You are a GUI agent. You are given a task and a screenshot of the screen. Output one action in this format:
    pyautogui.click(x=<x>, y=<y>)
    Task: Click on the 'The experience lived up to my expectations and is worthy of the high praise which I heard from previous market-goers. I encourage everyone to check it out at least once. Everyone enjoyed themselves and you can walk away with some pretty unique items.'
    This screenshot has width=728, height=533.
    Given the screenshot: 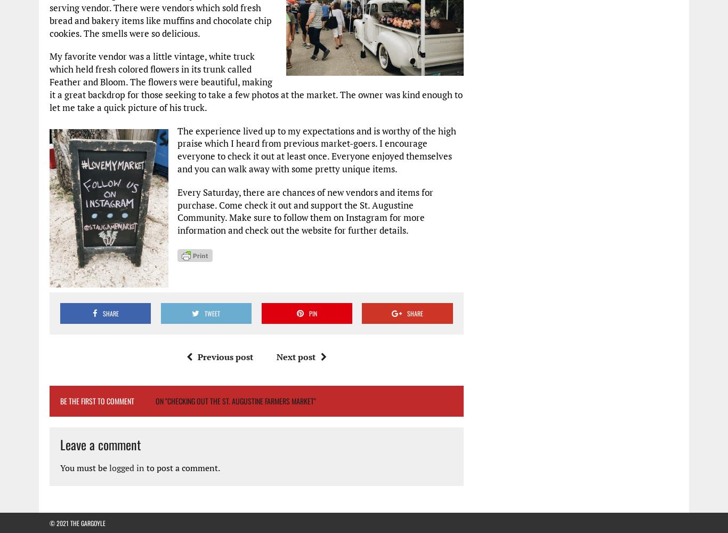 What is the action you would take?
    pyautogui.click(x=316, y=149)
    